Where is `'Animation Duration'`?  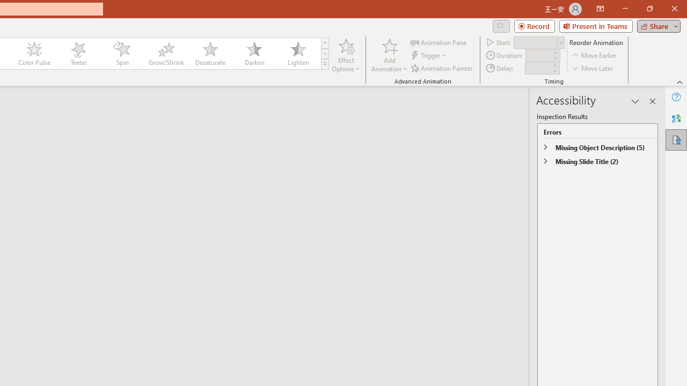
'Animation Duration' is located at coordinates (538, 55).